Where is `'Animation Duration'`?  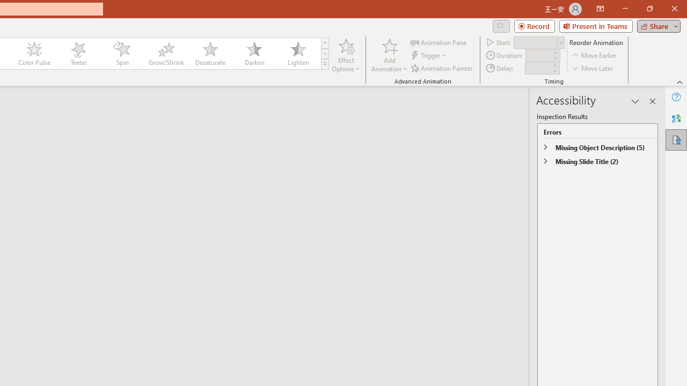
'Animation Duration' is located at coordinates (538, 55).